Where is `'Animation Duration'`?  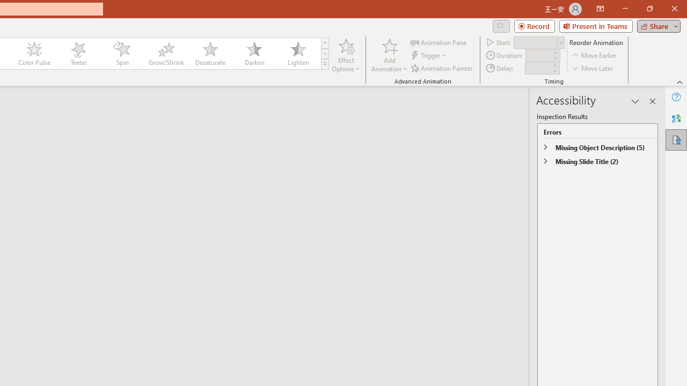
'Animation Duration' is located at coordinates (538, 55).